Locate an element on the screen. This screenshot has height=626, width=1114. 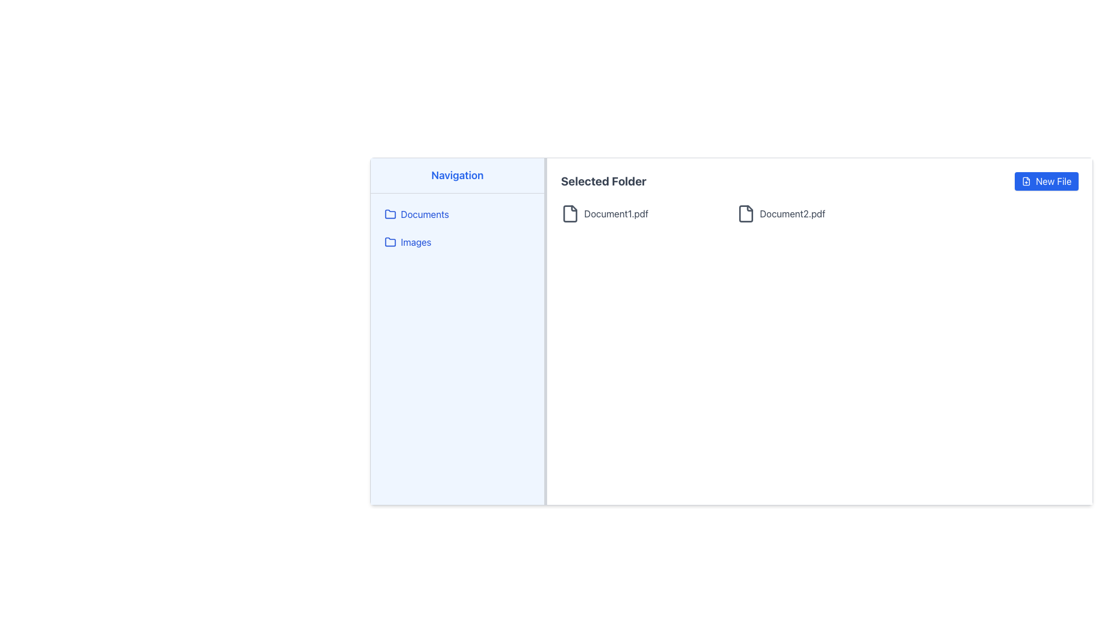
the graphical icon for creating a new file, located in the top-right corner of the interface next to the 'New File' text is located at coordinates (1026, 181).